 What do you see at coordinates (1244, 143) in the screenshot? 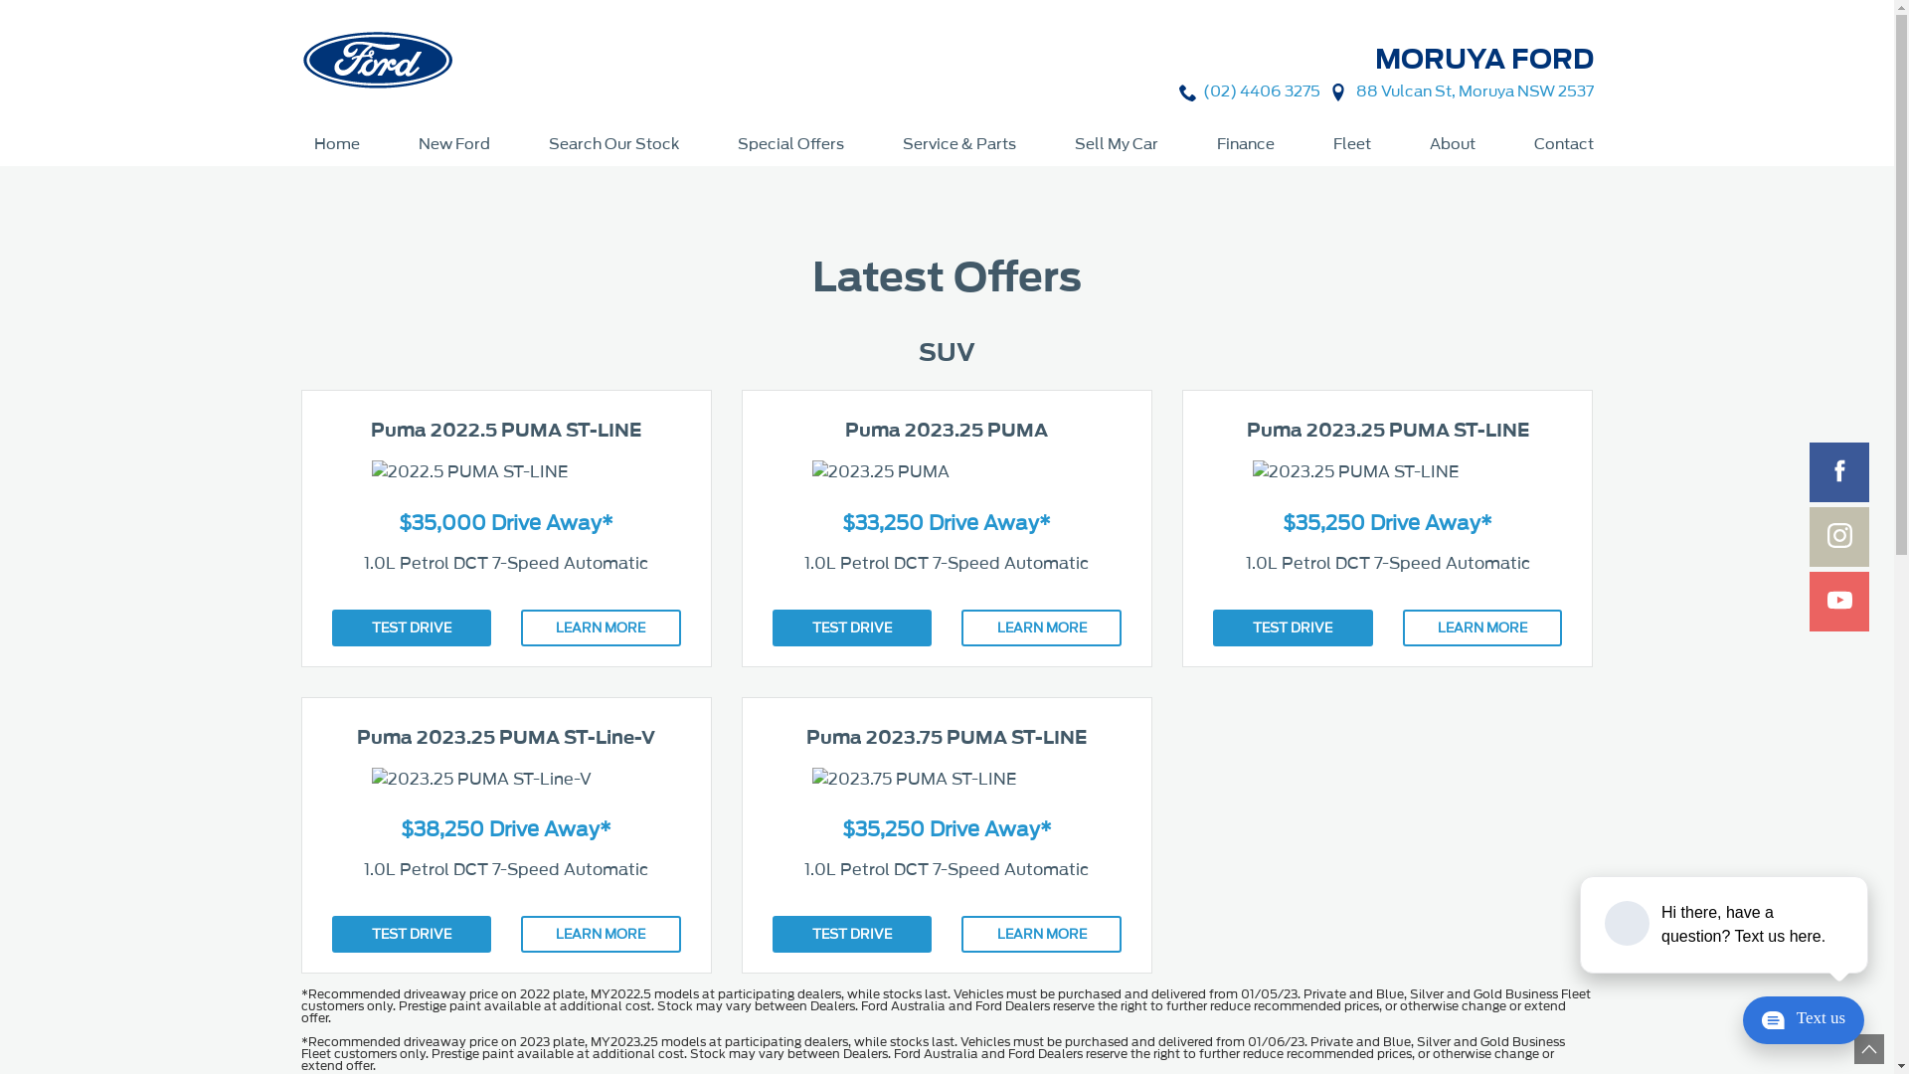
I see `'Finance'` at bounding box center [1244, 143].